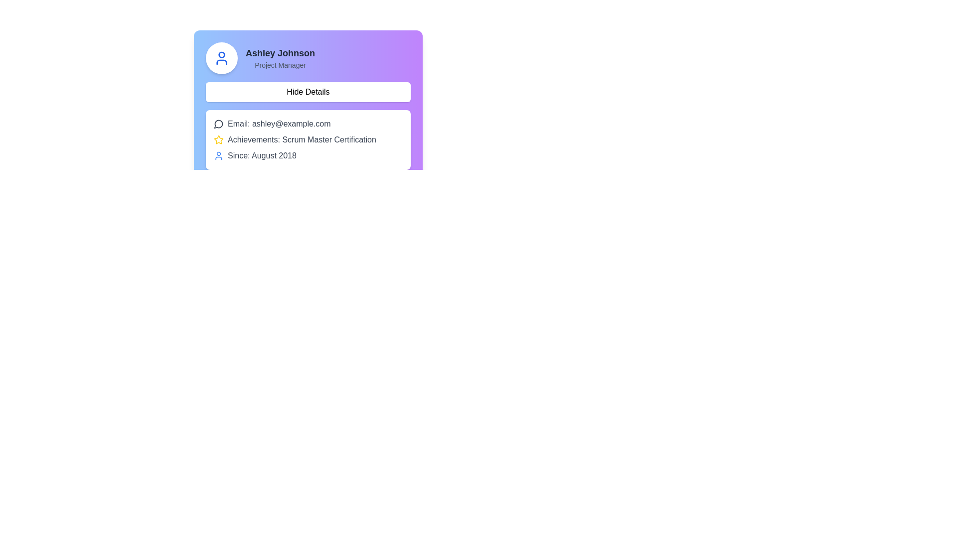 Image resolution: width=957 pixels, height=538 pixels. What do you see at coordinates (218, 139) in the screenshot?
I see `the star icon that represents an achievement highlight related to the user's profile, specifically emphasizing a certification or award, located next to the text label stating 'Achievements: Scrum Master Certification'` at bounding box center [218, 139].